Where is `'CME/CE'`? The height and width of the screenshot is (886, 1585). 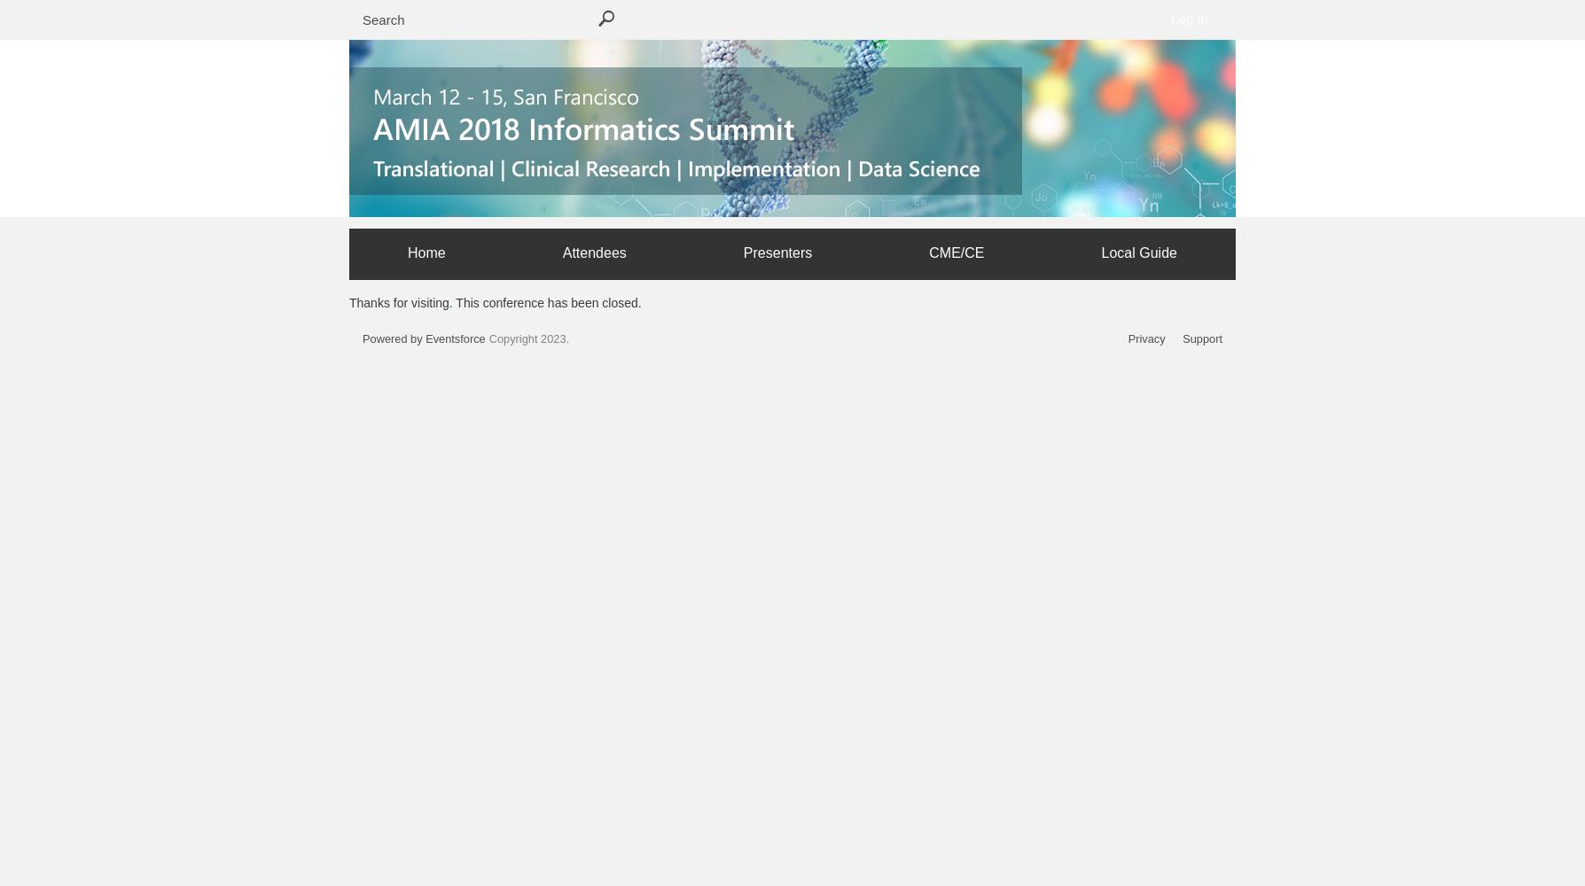
'CME/CE' is located at coordinates (956, 252).